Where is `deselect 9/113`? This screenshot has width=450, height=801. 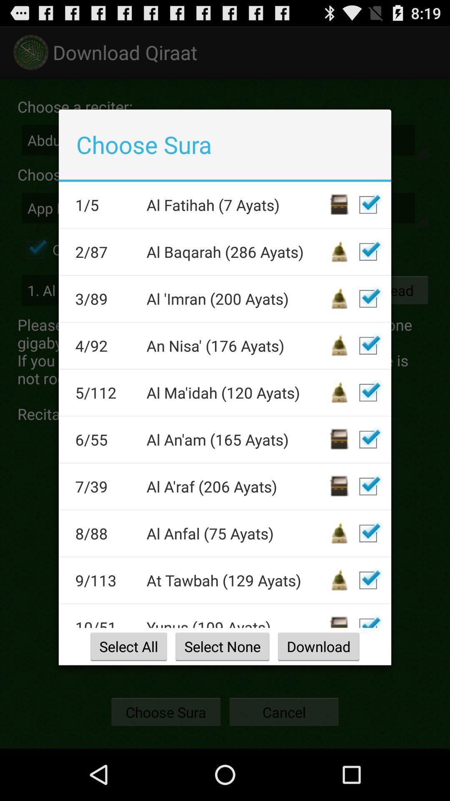
deselect 9/113 is located at coordinates (367, 580).